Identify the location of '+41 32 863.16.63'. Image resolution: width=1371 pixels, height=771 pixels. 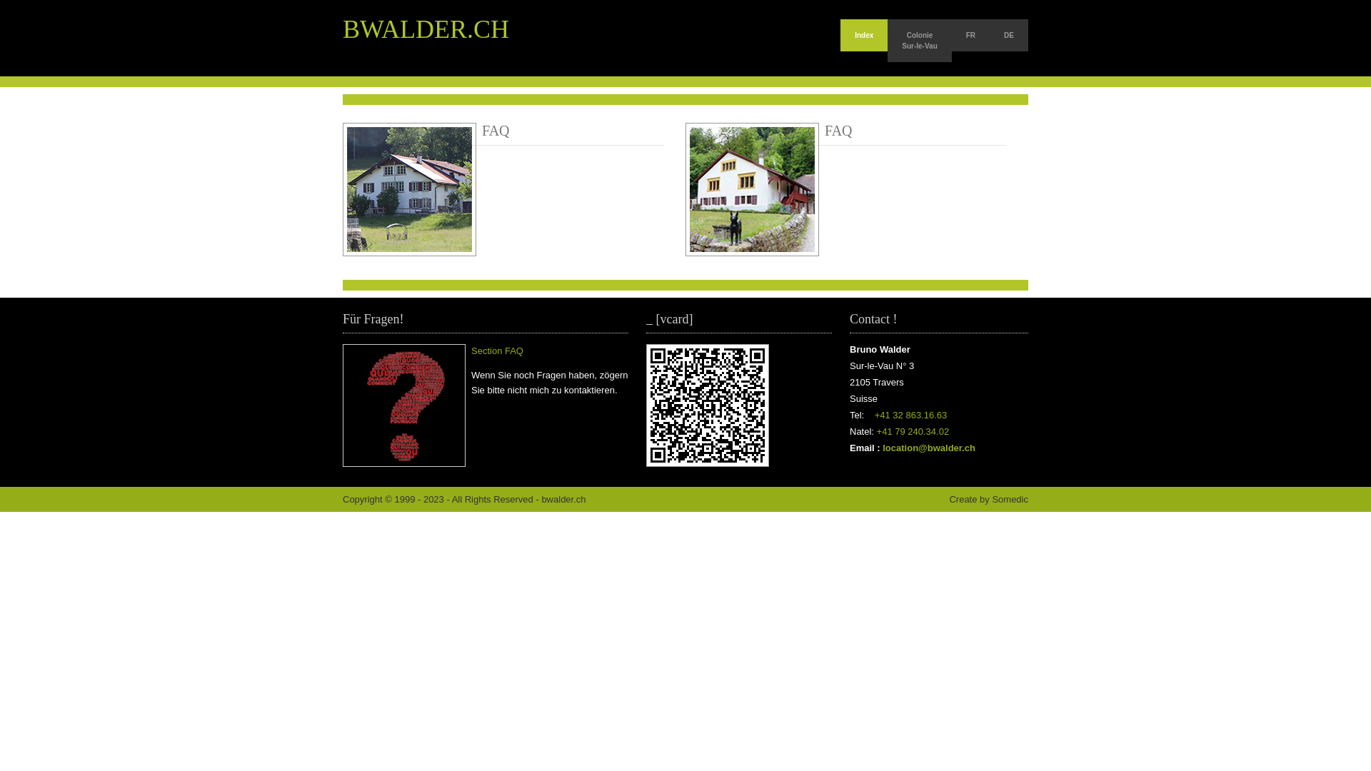
(873, 415).